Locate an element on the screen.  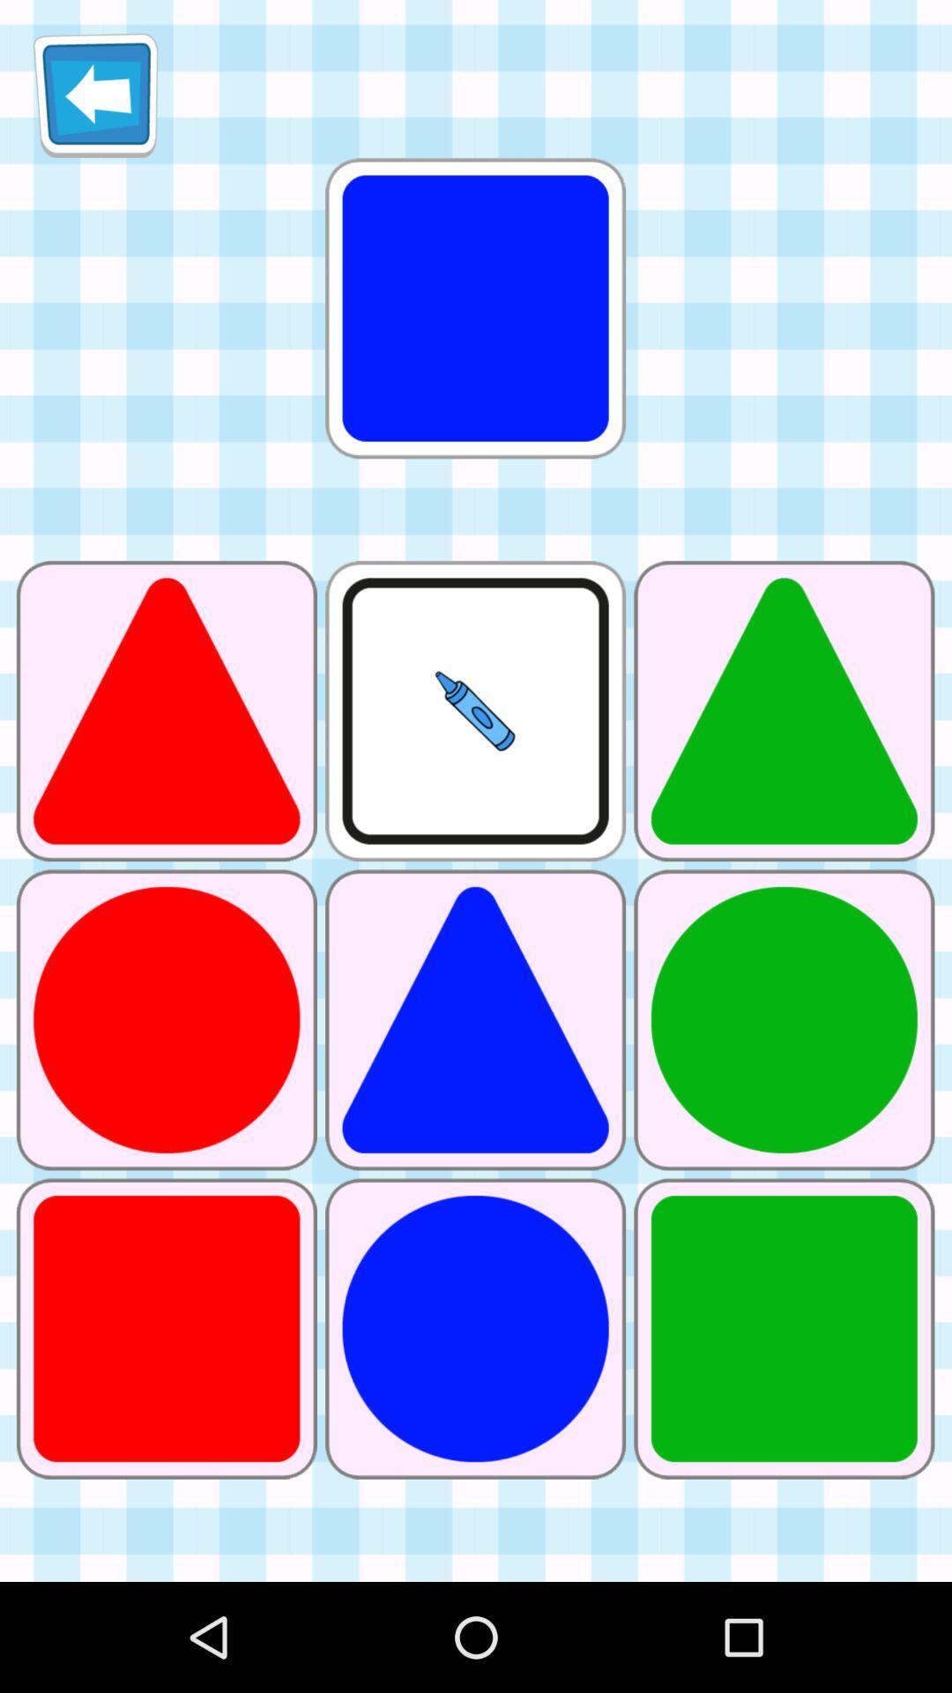
circle picture is located at coordinates (784, 1019).